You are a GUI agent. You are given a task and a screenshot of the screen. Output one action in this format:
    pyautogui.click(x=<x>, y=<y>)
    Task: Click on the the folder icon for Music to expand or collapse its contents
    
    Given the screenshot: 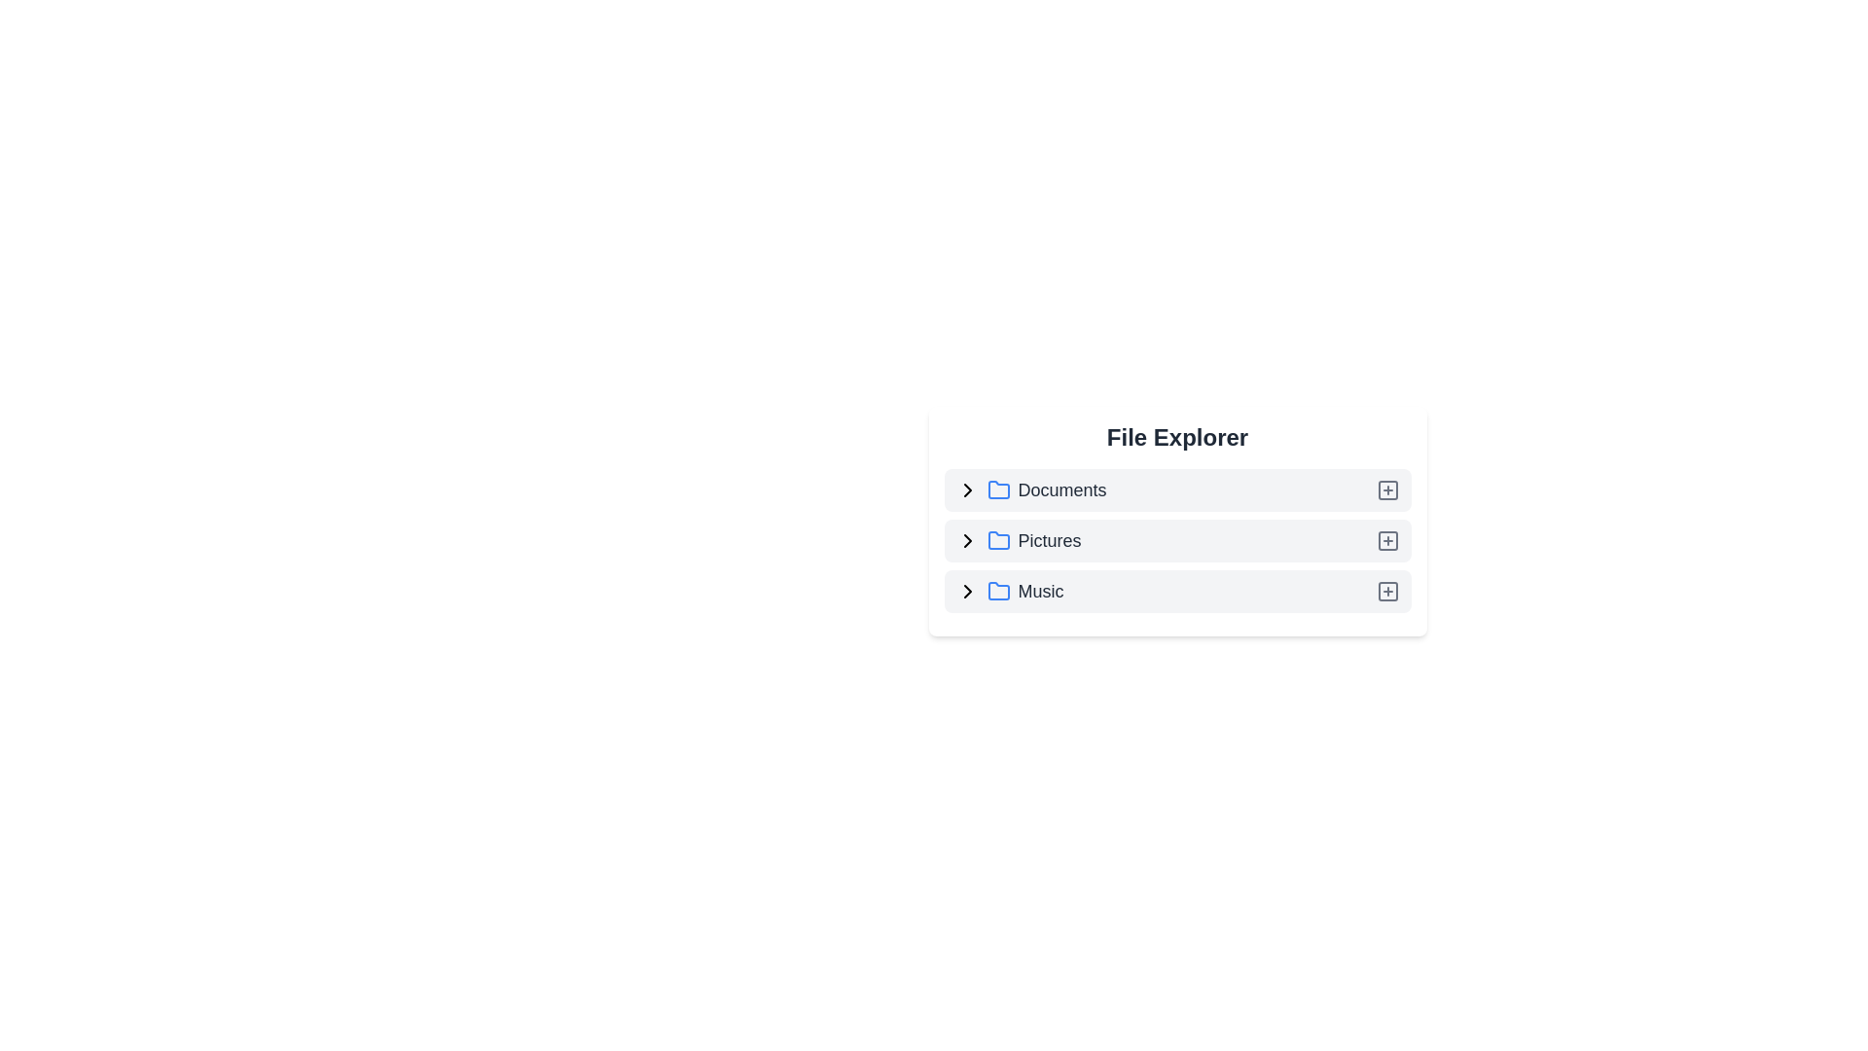 What is the action you would take?
    pyautogui.click(x=998, y=591)
    